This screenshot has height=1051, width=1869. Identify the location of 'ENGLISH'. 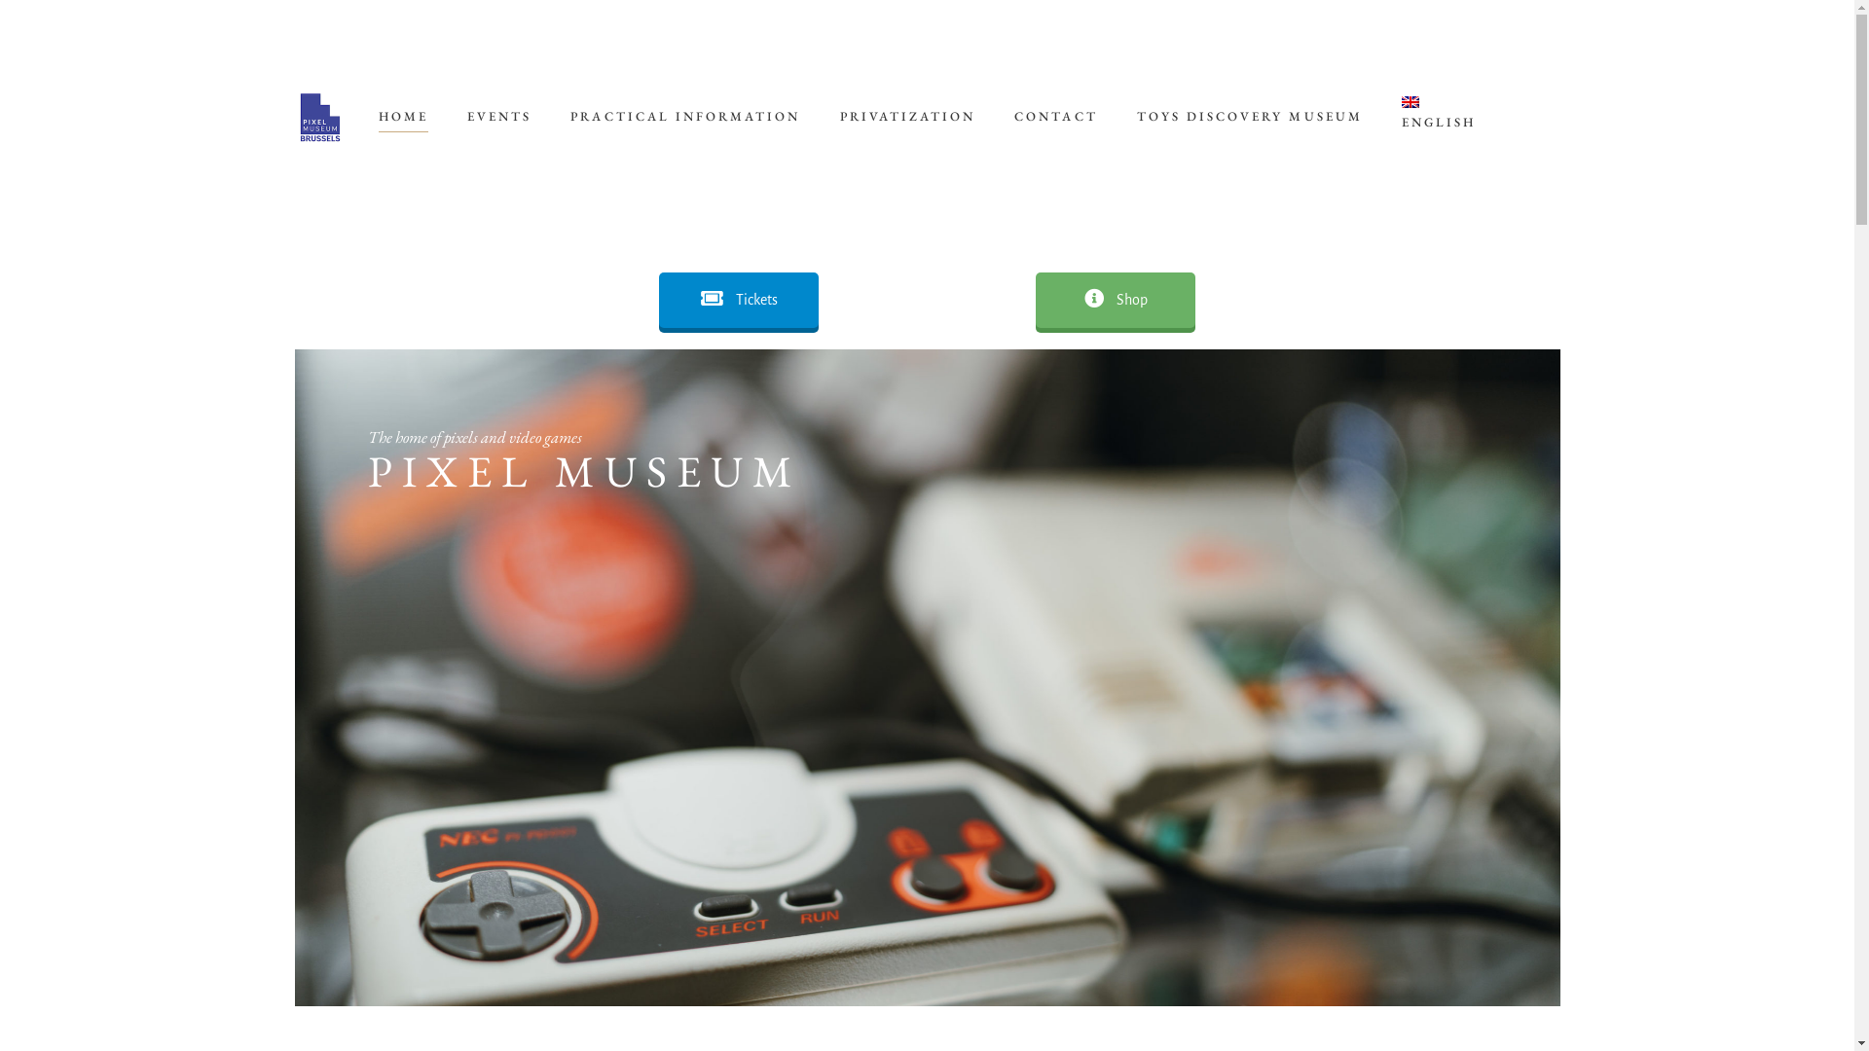
(1439, 116).